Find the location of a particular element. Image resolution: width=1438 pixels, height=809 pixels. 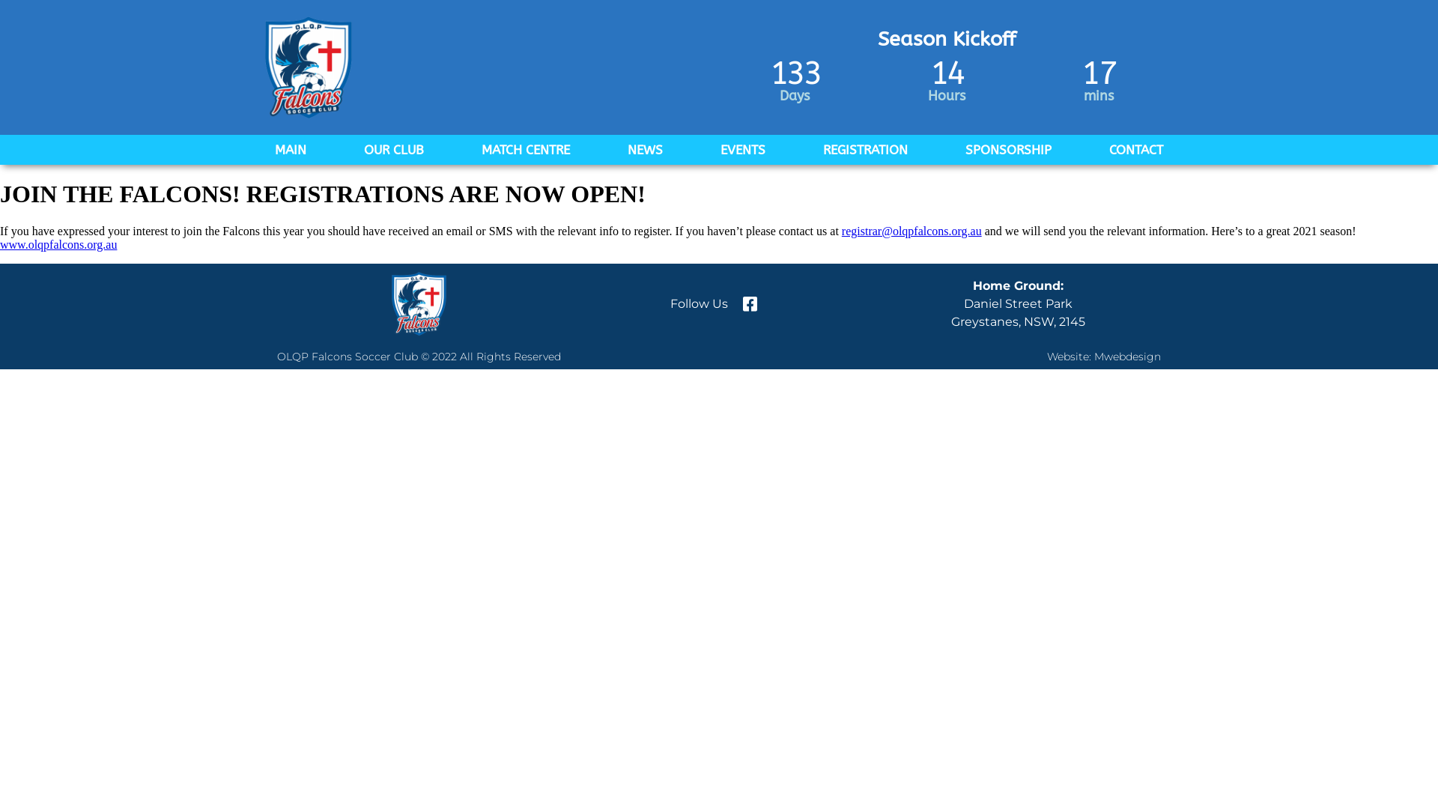

'Logo-Shield-1' is located at coordinates (263, 66).